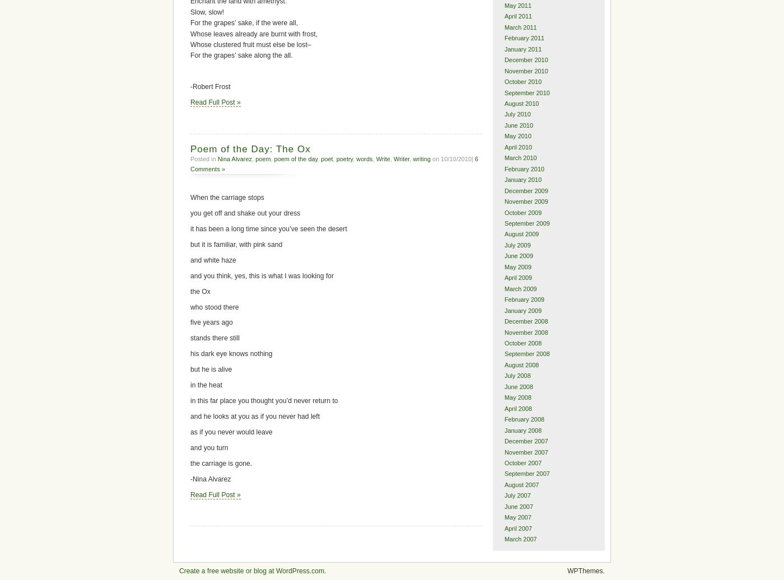  I want to click on 'but he is alive', so click(211, 369).